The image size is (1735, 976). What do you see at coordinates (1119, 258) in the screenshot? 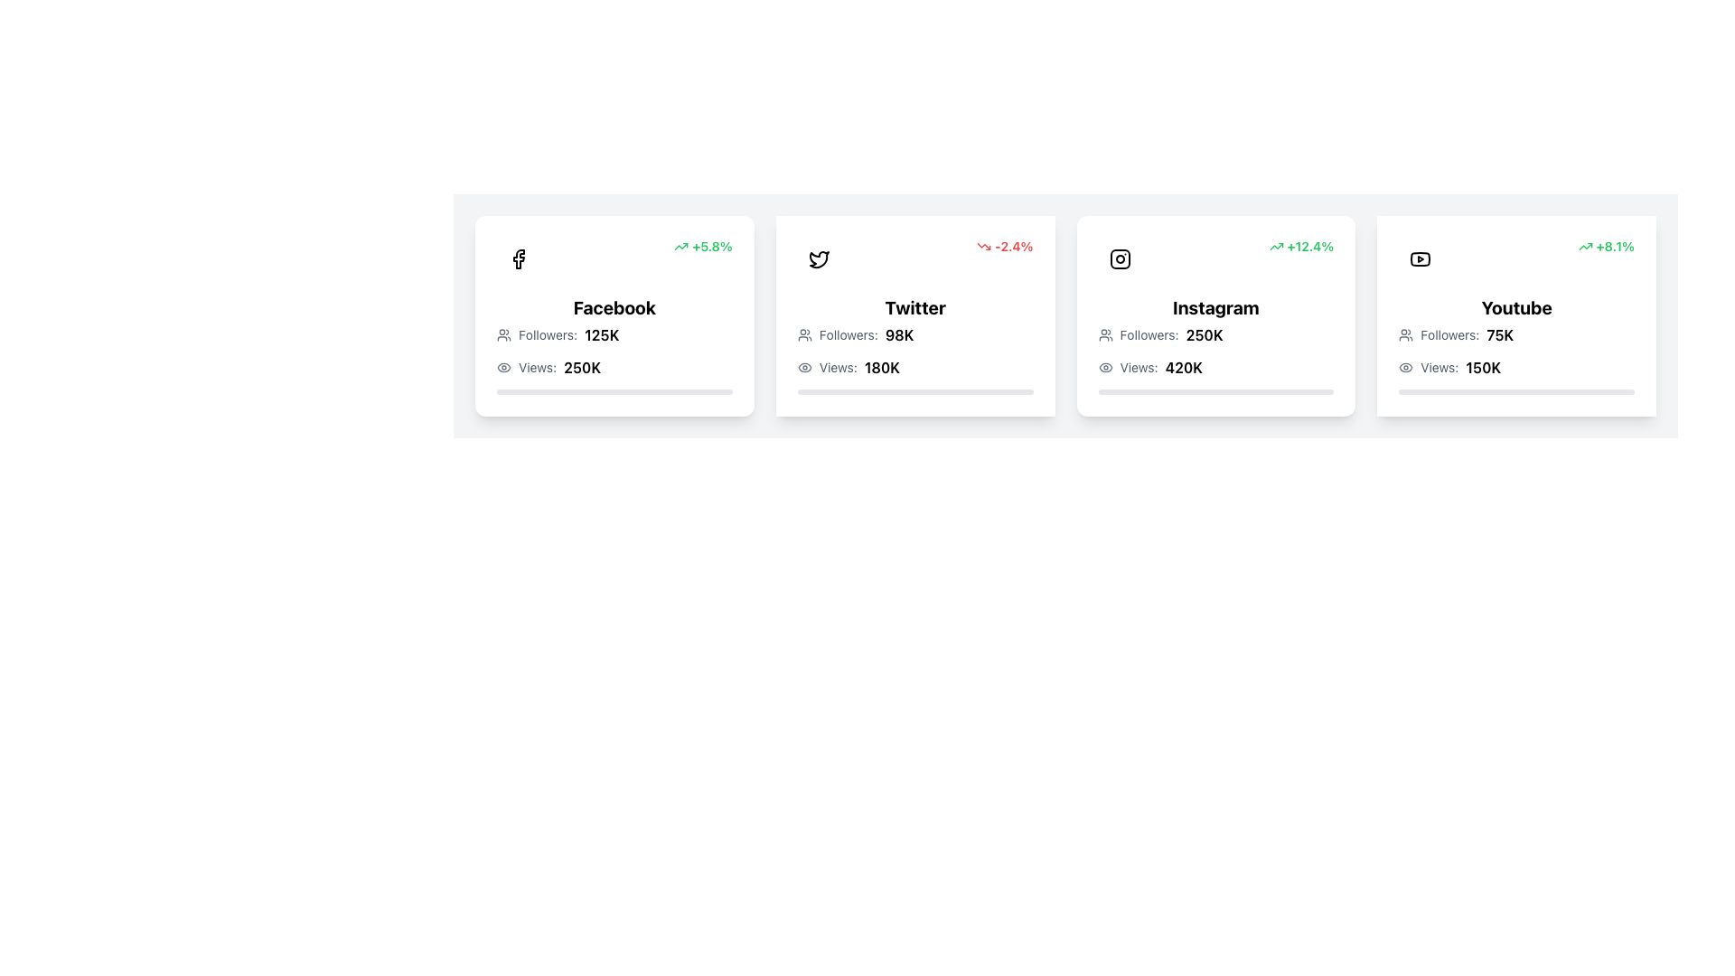
I see `the Instagram icon located on the third card in a horizontal sequence of four cards, which visually represents the Instagram social media platform` at bounding box center [1119, 258].